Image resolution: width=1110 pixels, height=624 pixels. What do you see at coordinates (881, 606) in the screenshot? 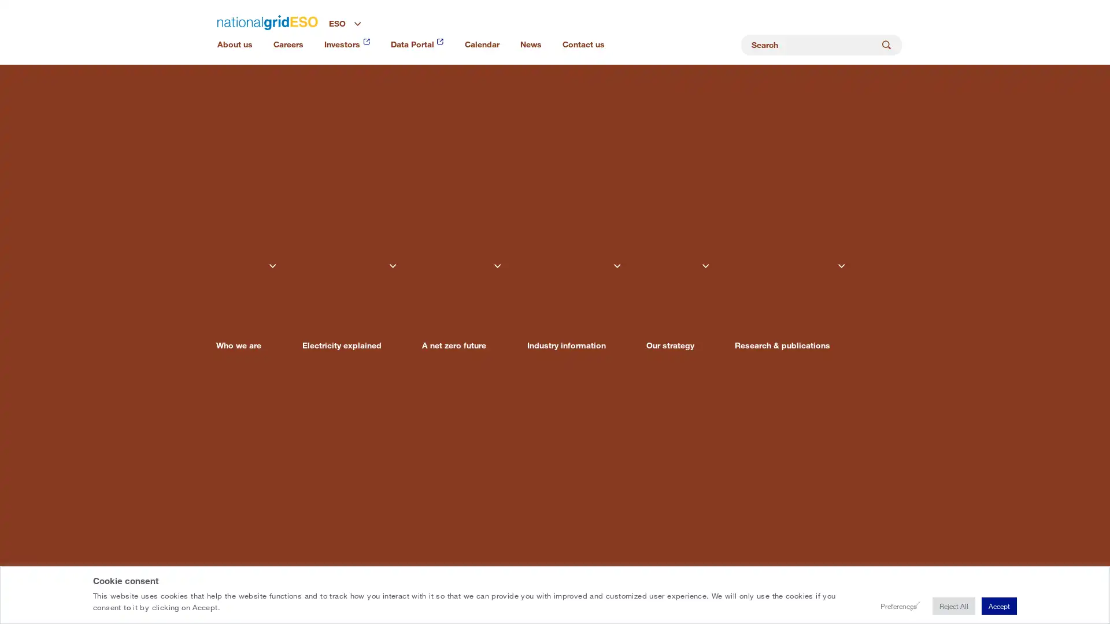
I see `Preferences` at bounding box center [881, 606].